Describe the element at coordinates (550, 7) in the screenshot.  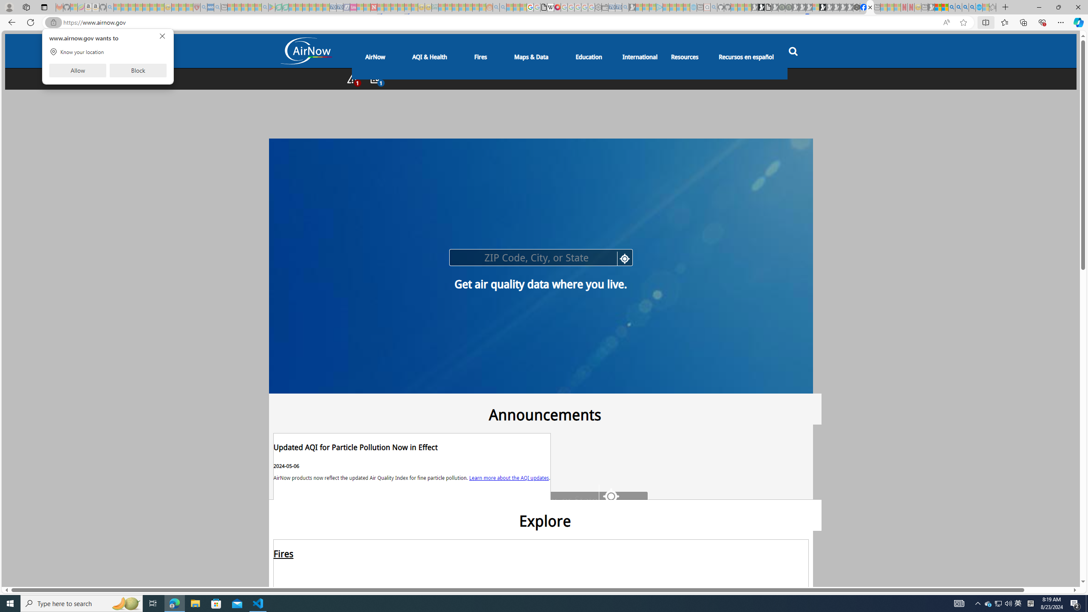
I see `'Target page - Wikipedia'` at that location.